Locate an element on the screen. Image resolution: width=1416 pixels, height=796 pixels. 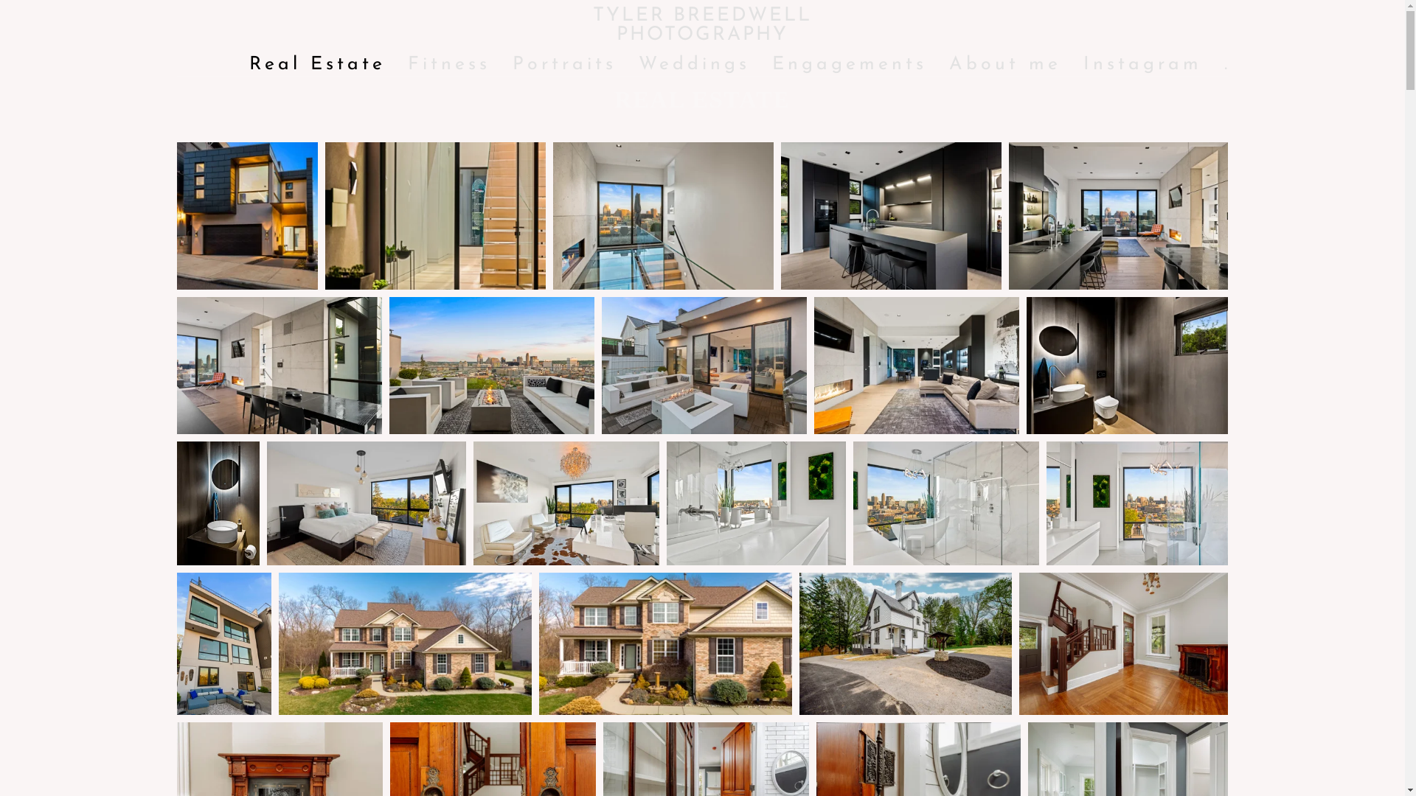
'TYLER BREEDWELL PHOTOGRAPHY' is located at coordinates (701, 25).